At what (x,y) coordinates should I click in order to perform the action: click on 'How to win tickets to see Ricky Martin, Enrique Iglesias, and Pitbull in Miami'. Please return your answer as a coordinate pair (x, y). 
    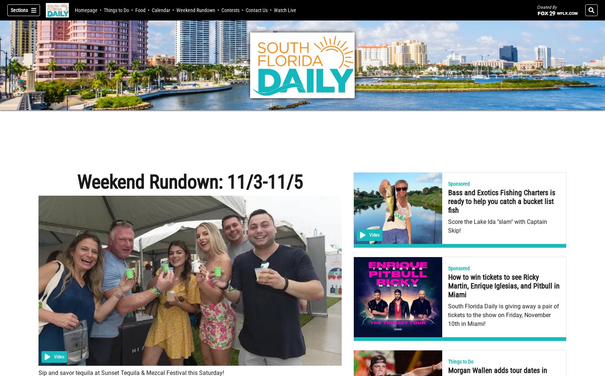
    Looking at the image, I should click on (503, 286).